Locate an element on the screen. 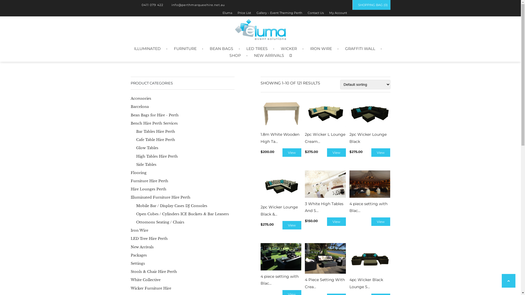 The image size is (525, 295). 'Side Tables' is located at coordinates (146, 164).